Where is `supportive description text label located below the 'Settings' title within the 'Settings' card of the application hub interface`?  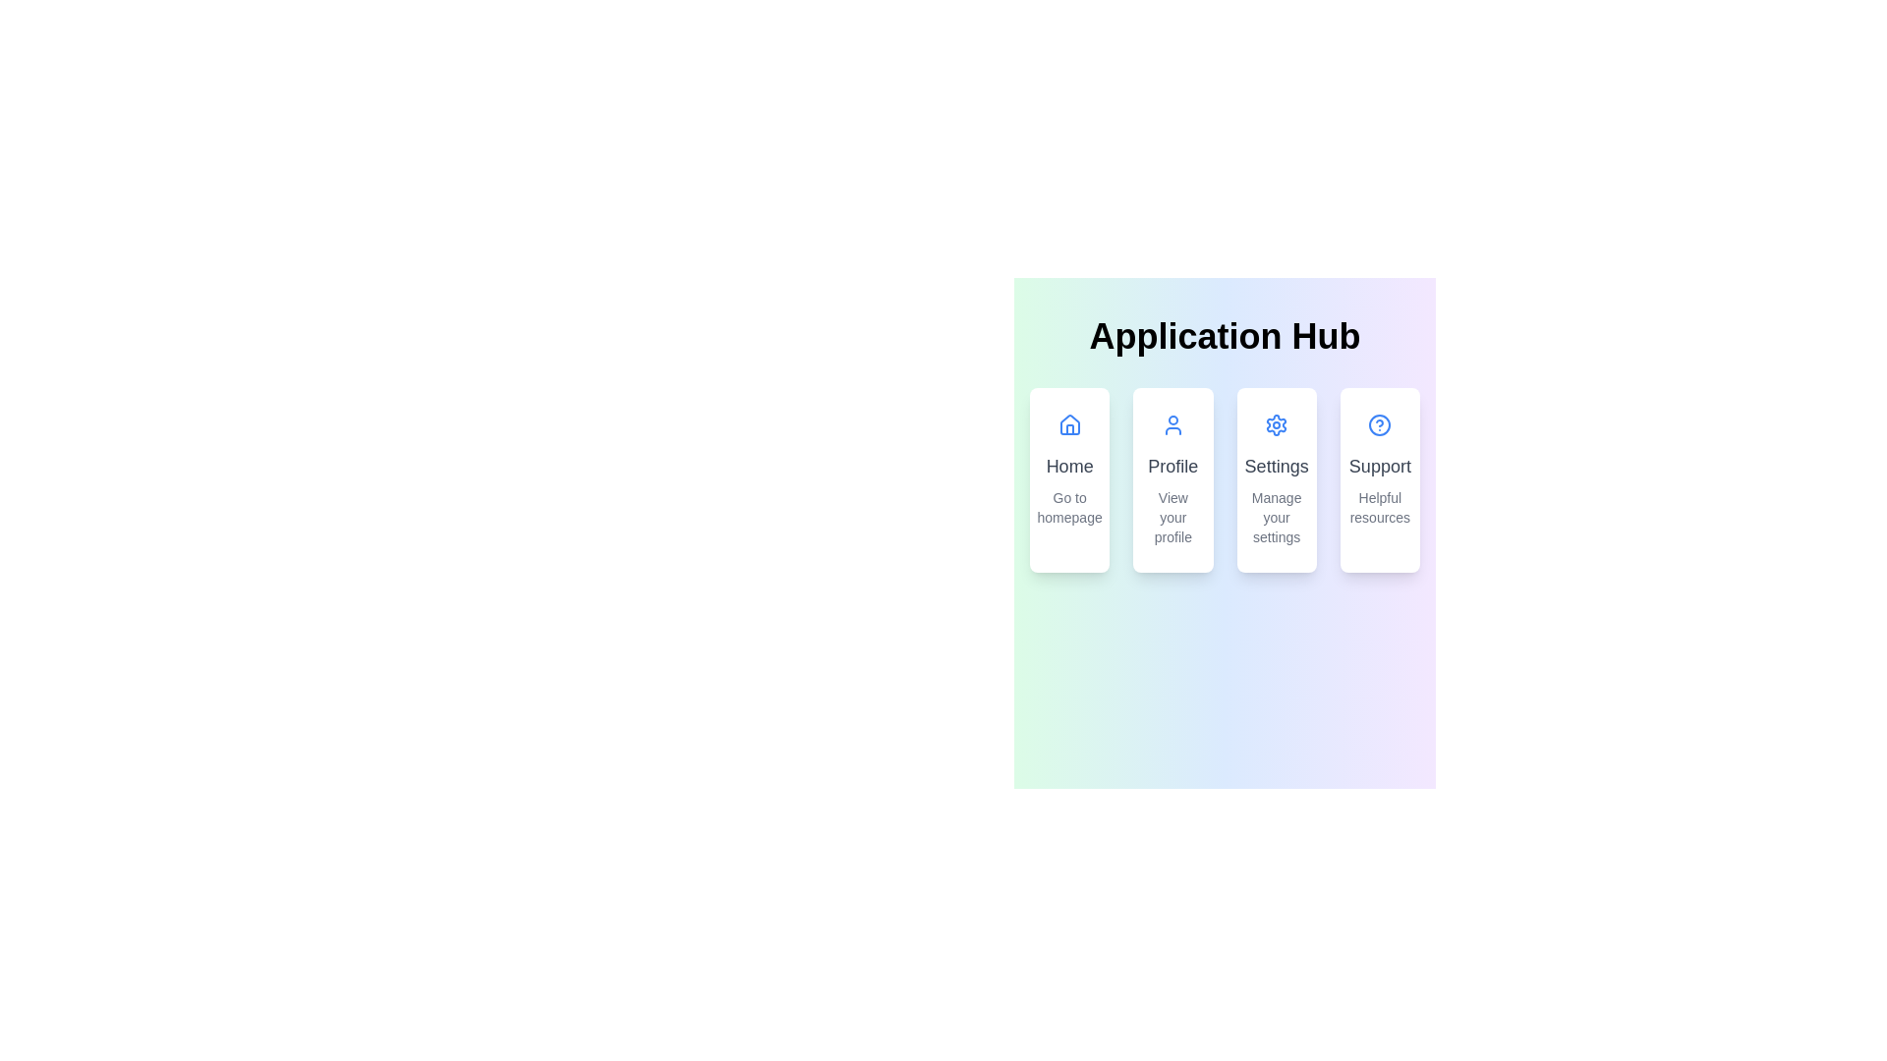 supportive description text label located below the 'Settings' title within the 'Settings' card of the application hub interface is located at coordinates (1277, 517).